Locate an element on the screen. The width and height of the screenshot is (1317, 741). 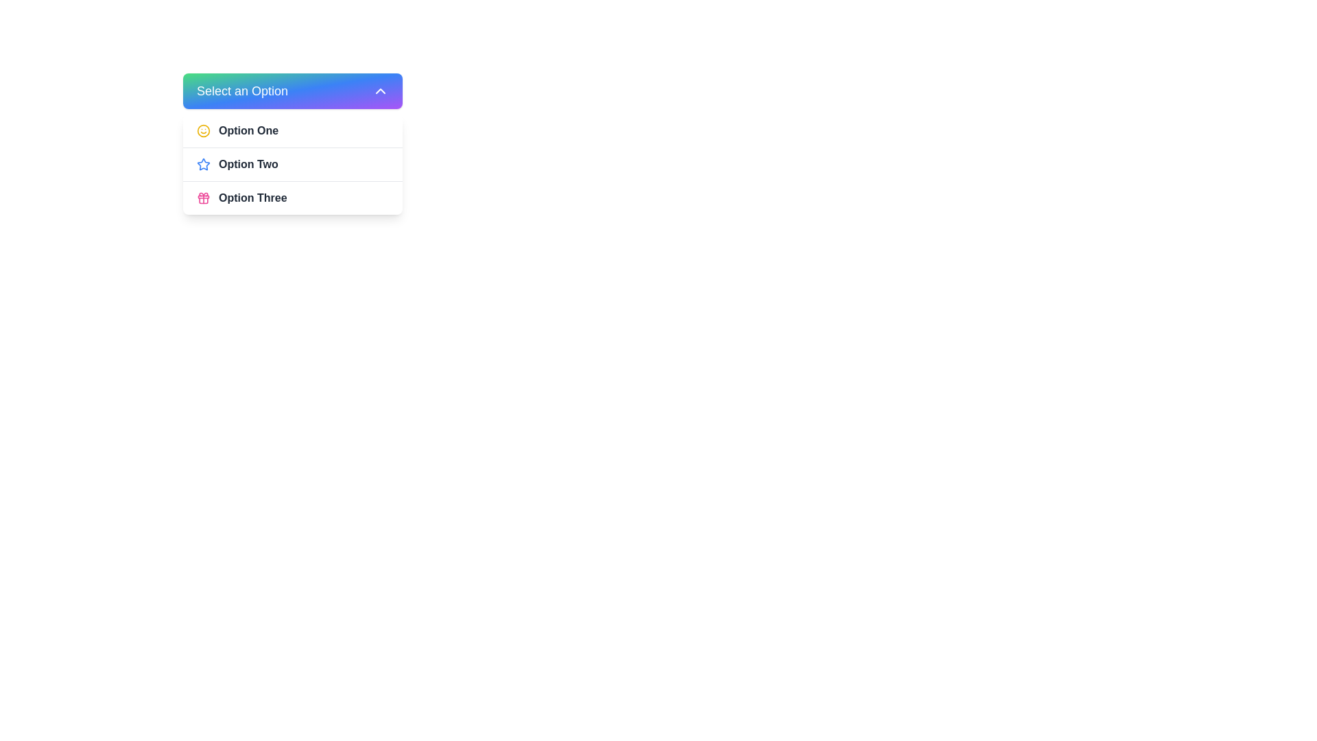
the text 'Option One' in bold, dark gray font is located at coordinates (248, 131).